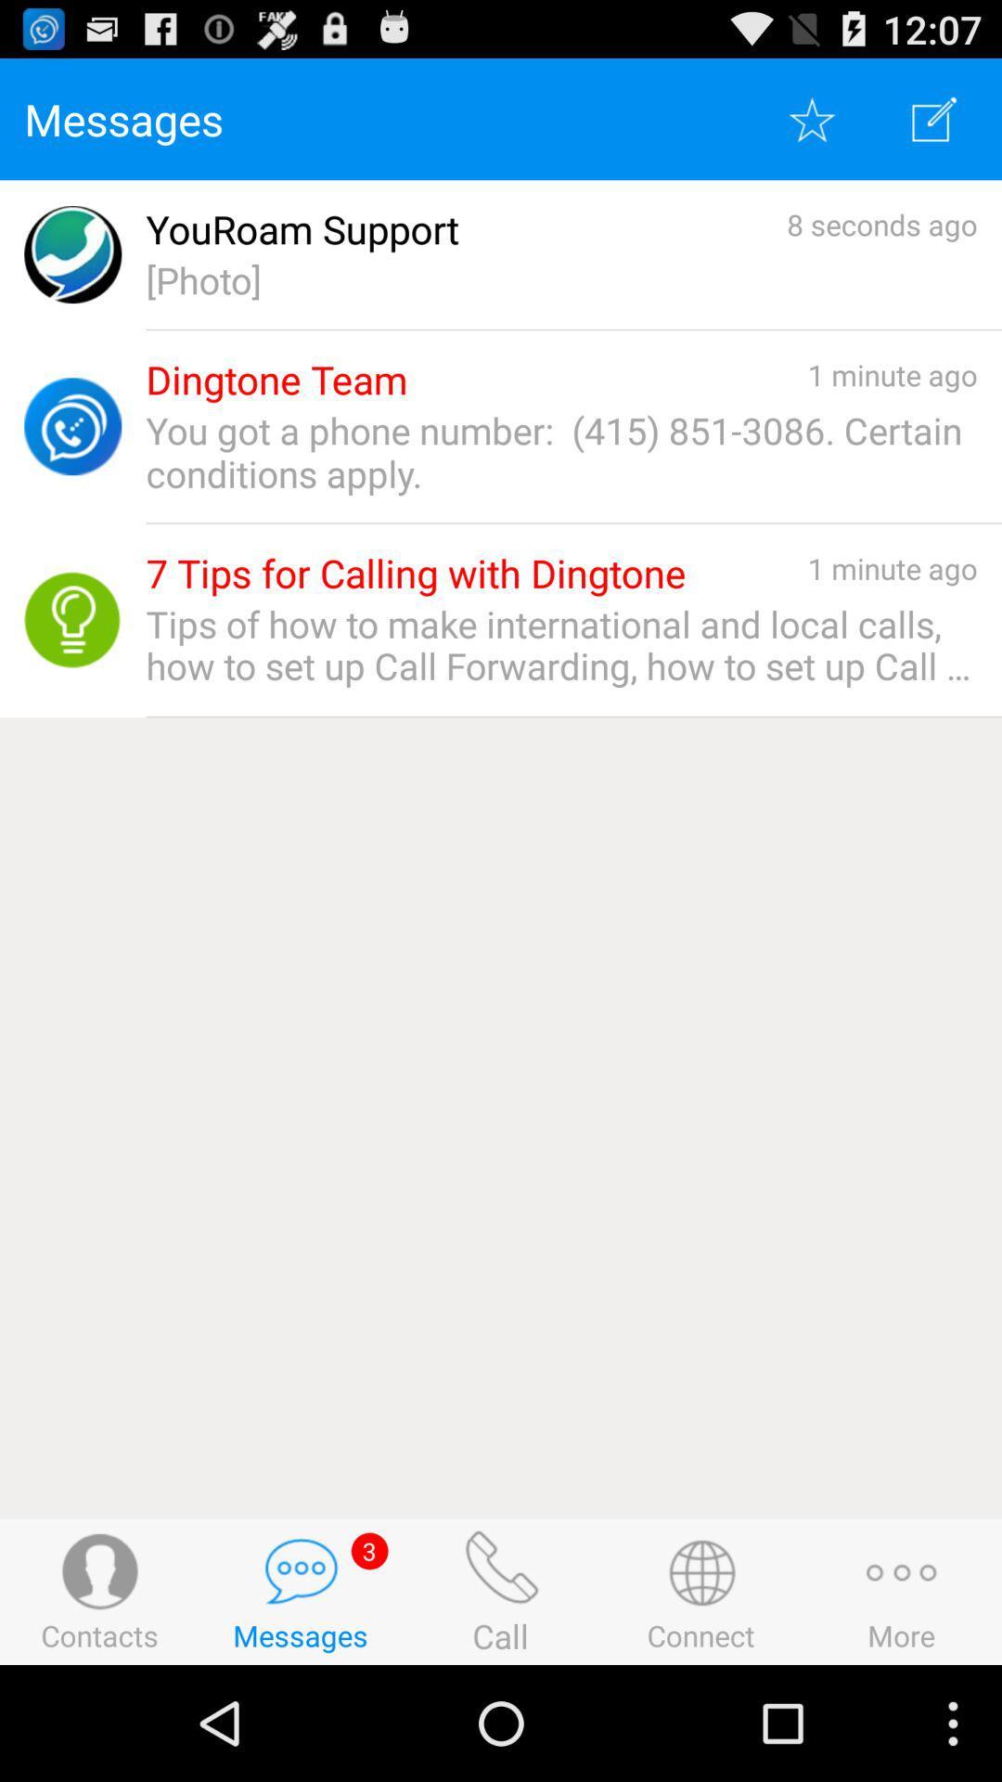  I want to click on the app above tips of how app, so click(415, 573).